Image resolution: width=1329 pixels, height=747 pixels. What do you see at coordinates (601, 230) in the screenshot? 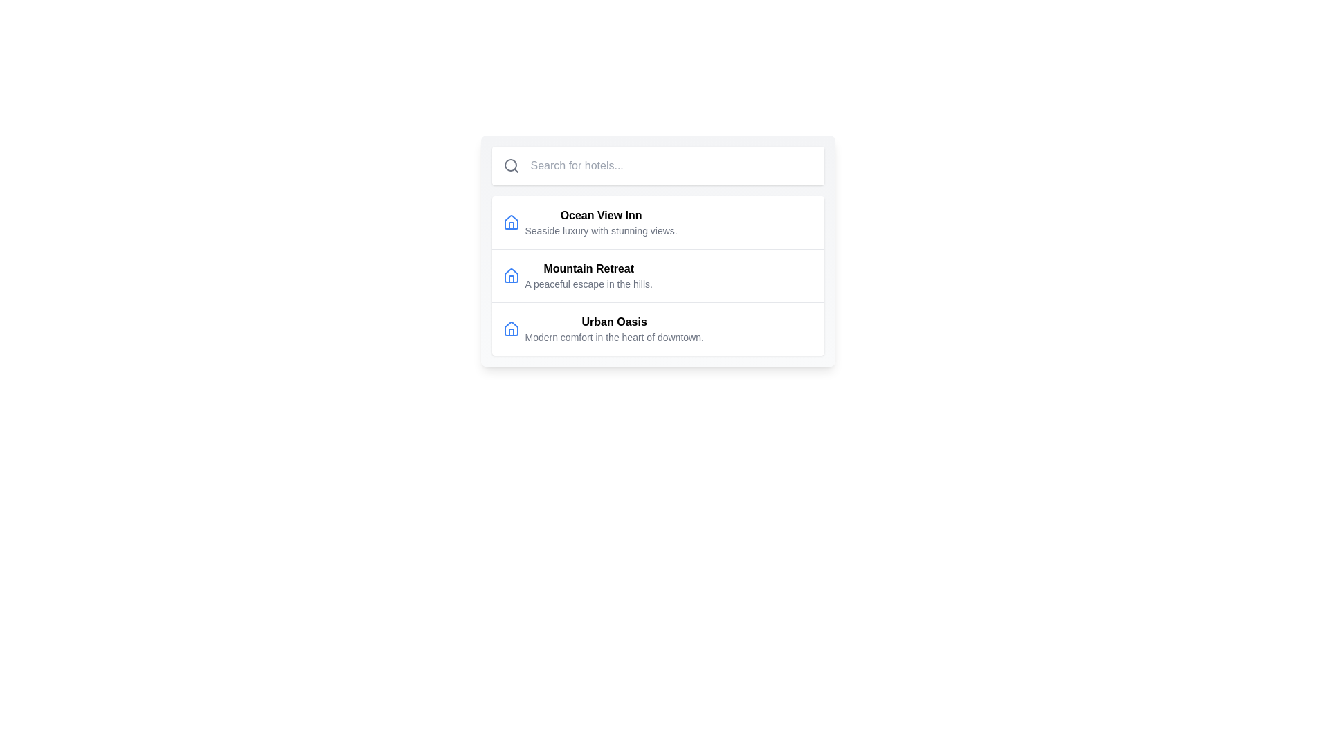
I see `the text label displaying 'Seaside luxury with stunning views.' located below the bold title 'Ocean View Inn' in the first item slot of the accommodations list` at bounding box center [601, 230].